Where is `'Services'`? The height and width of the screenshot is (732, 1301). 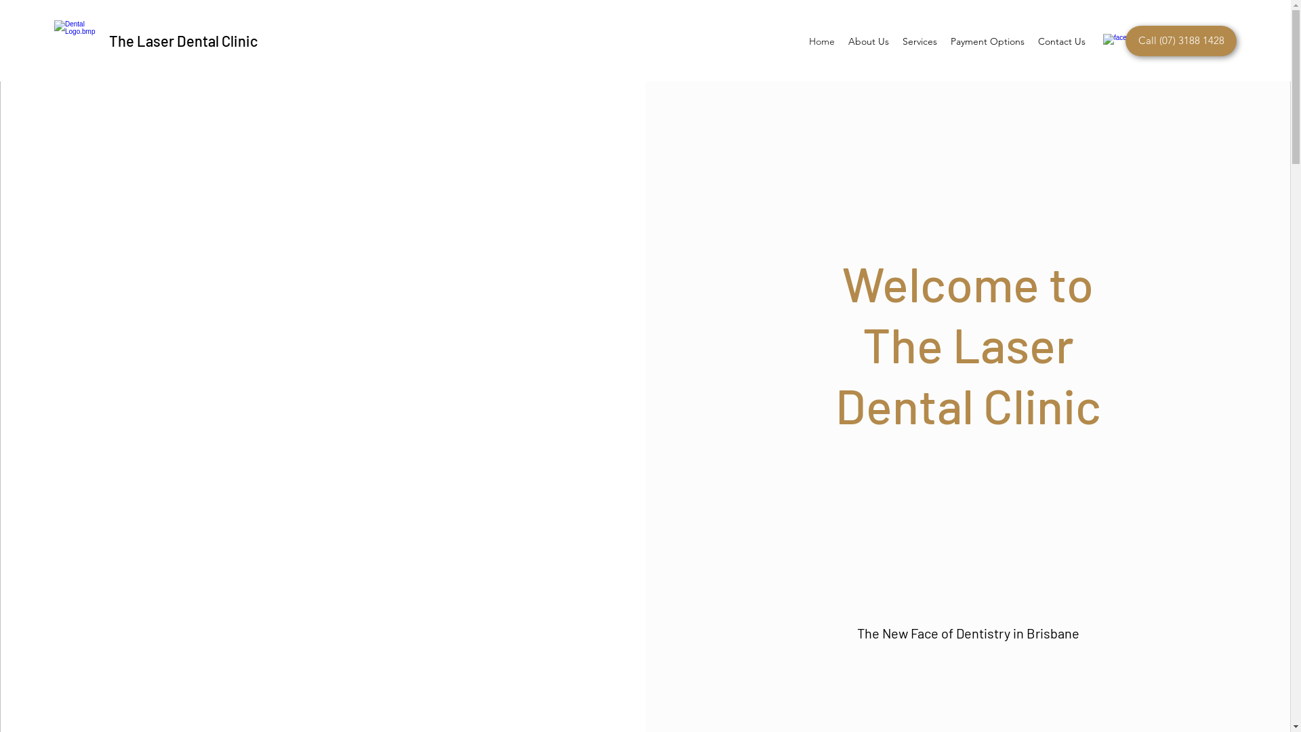 'Services' is located at coordinates (920, 41).